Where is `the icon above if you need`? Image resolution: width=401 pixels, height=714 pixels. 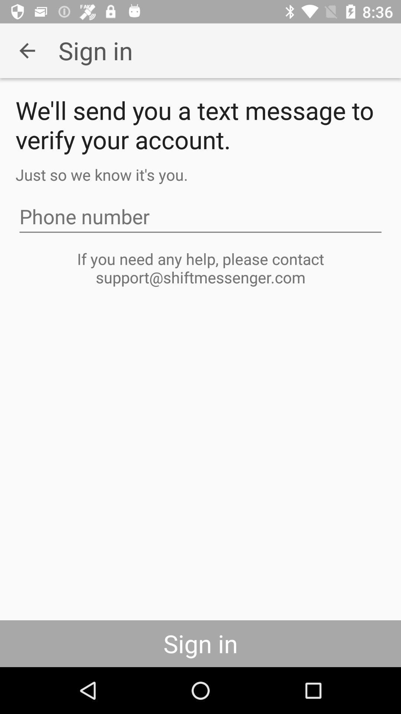
the icon above if you need is located at coordinates (200, 216).